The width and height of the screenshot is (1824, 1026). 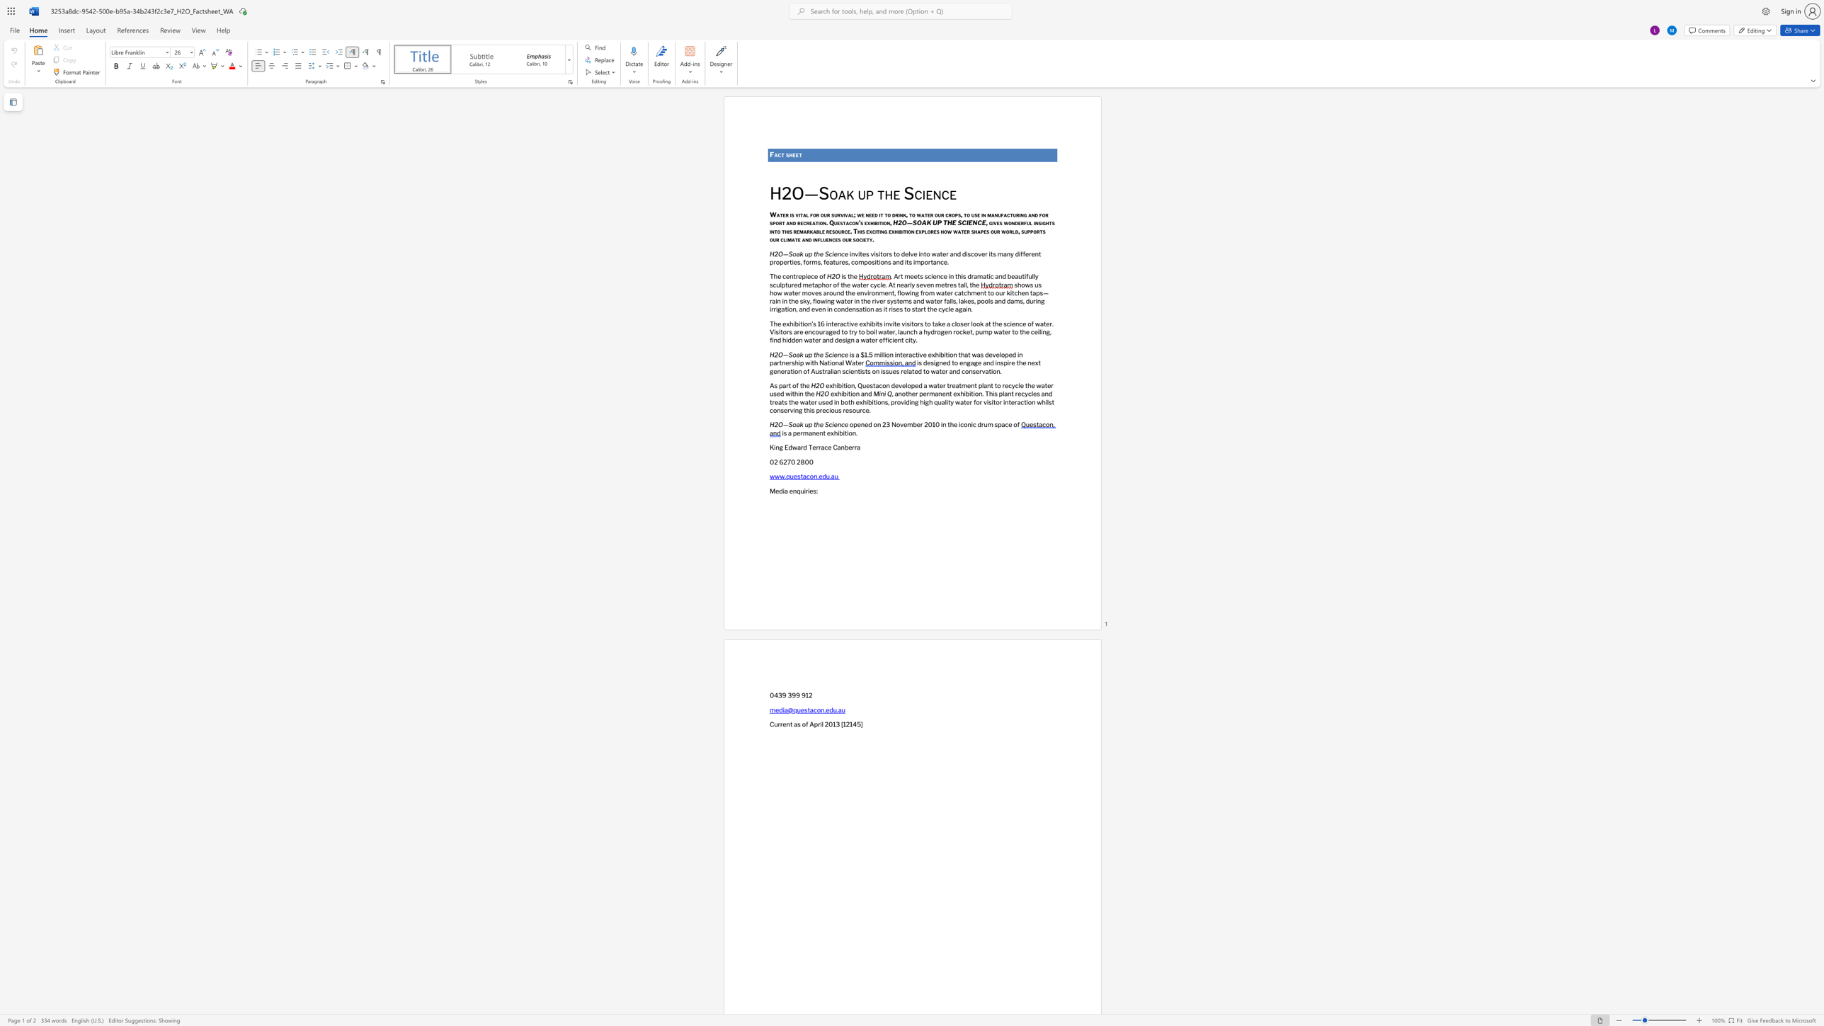 I want to click on the space between the continuous character "o" and "s" in the text, so click(x=872, y=261).